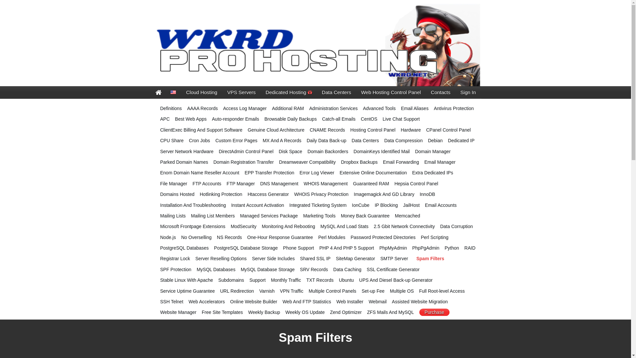 The width and height of the screenshot is (636, 358). What do you see at coordinates (318, 205) in the screenshot?
I see `'Integrated Ticketing System'` at bounding box center [318, 205].